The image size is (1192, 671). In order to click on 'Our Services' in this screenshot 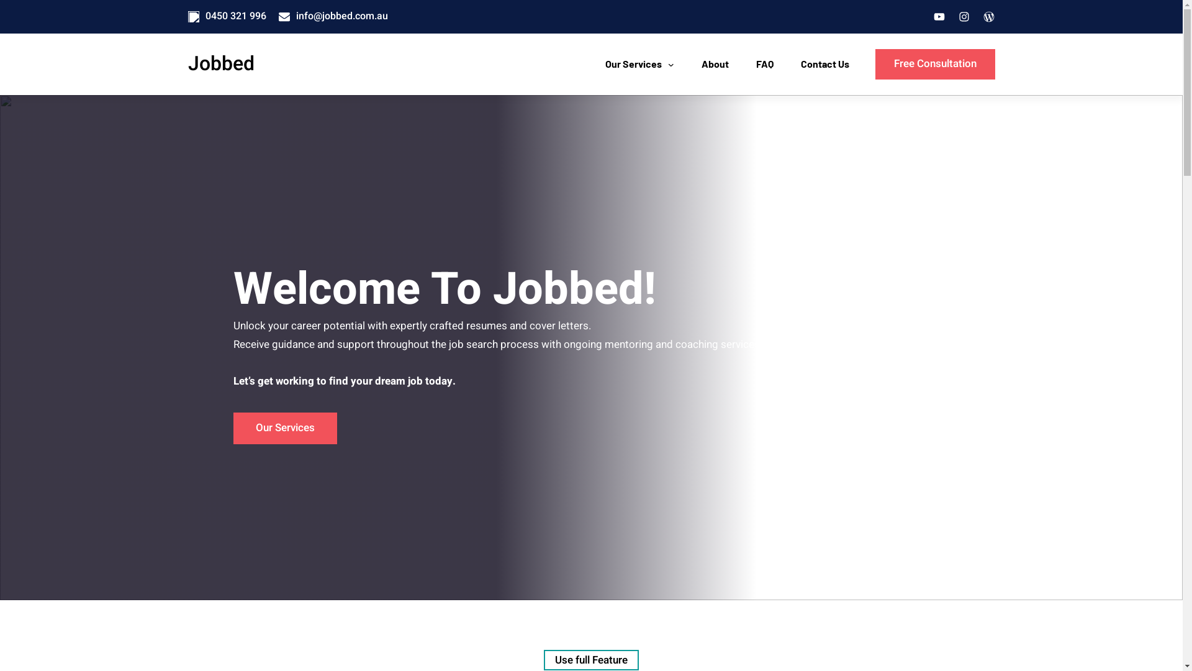, I will do `click(598, 64)`.